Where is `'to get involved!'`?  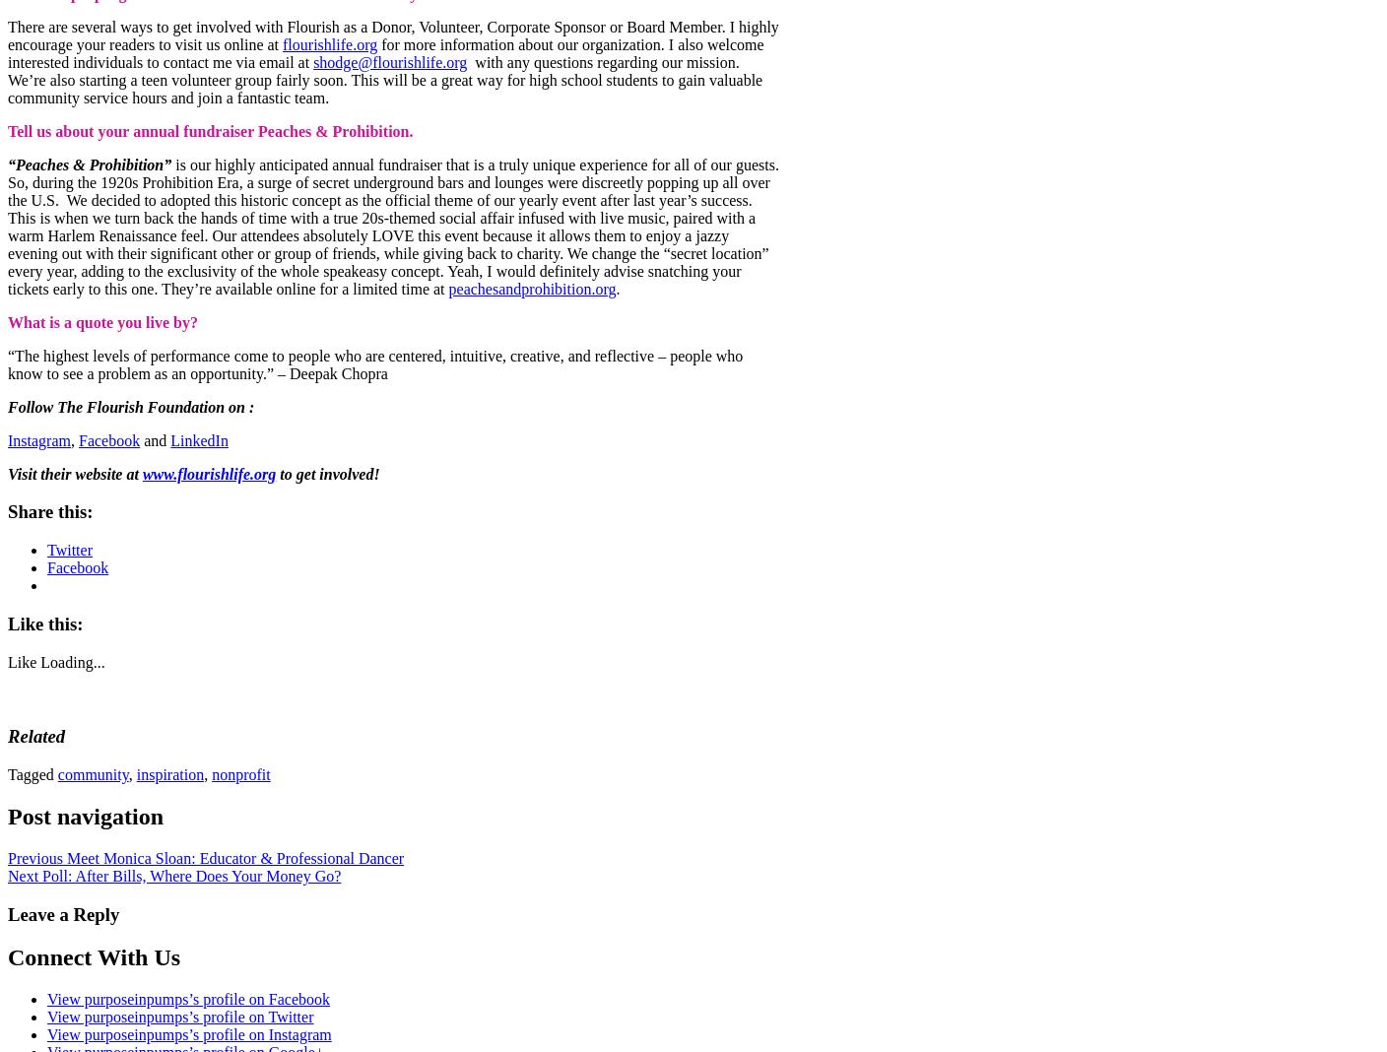 'to get involved!' is located at coordinates (327, 473).